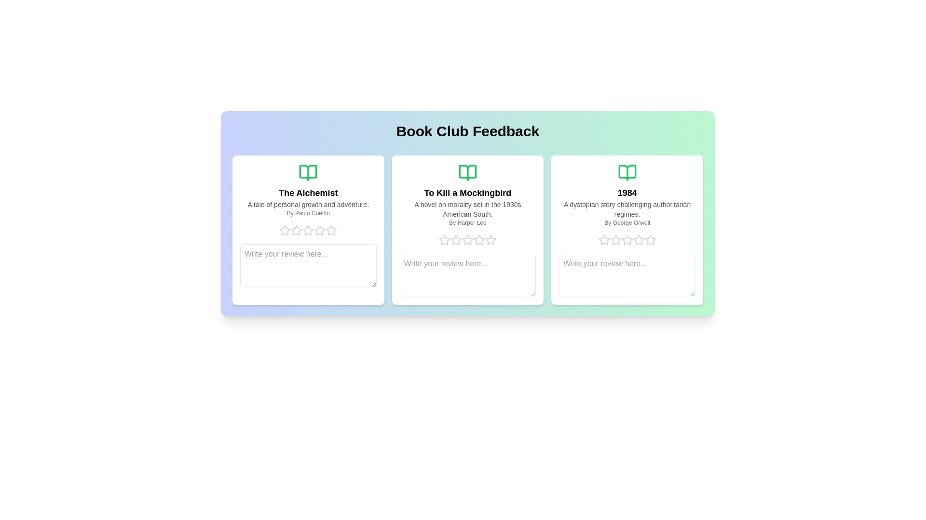  Describe the element at coordinates (308, 172) in the screenshot. I see `the static graphic icon representing a book located at the top-center of the first card above the title 'The Alchemist'` at that location.